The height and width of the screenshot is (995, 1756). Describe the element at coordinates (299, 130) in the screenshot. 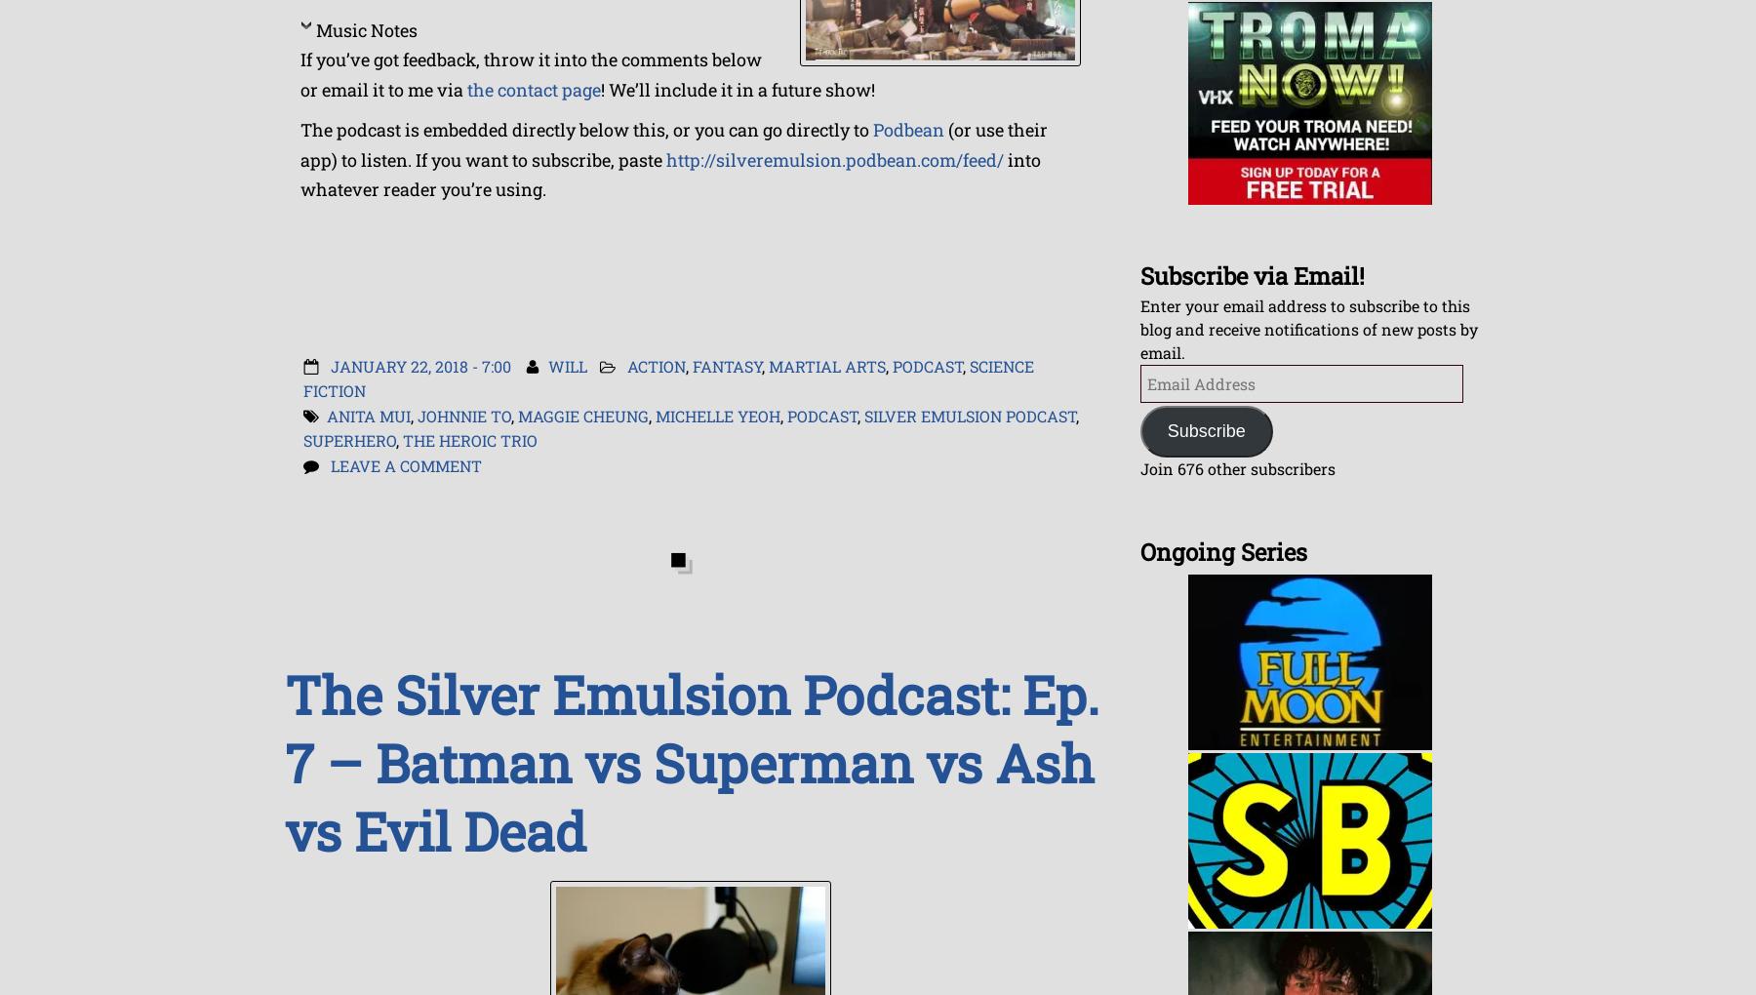

I see `'The podcast is embedded directly below this, or you can go directly to'` at that location.